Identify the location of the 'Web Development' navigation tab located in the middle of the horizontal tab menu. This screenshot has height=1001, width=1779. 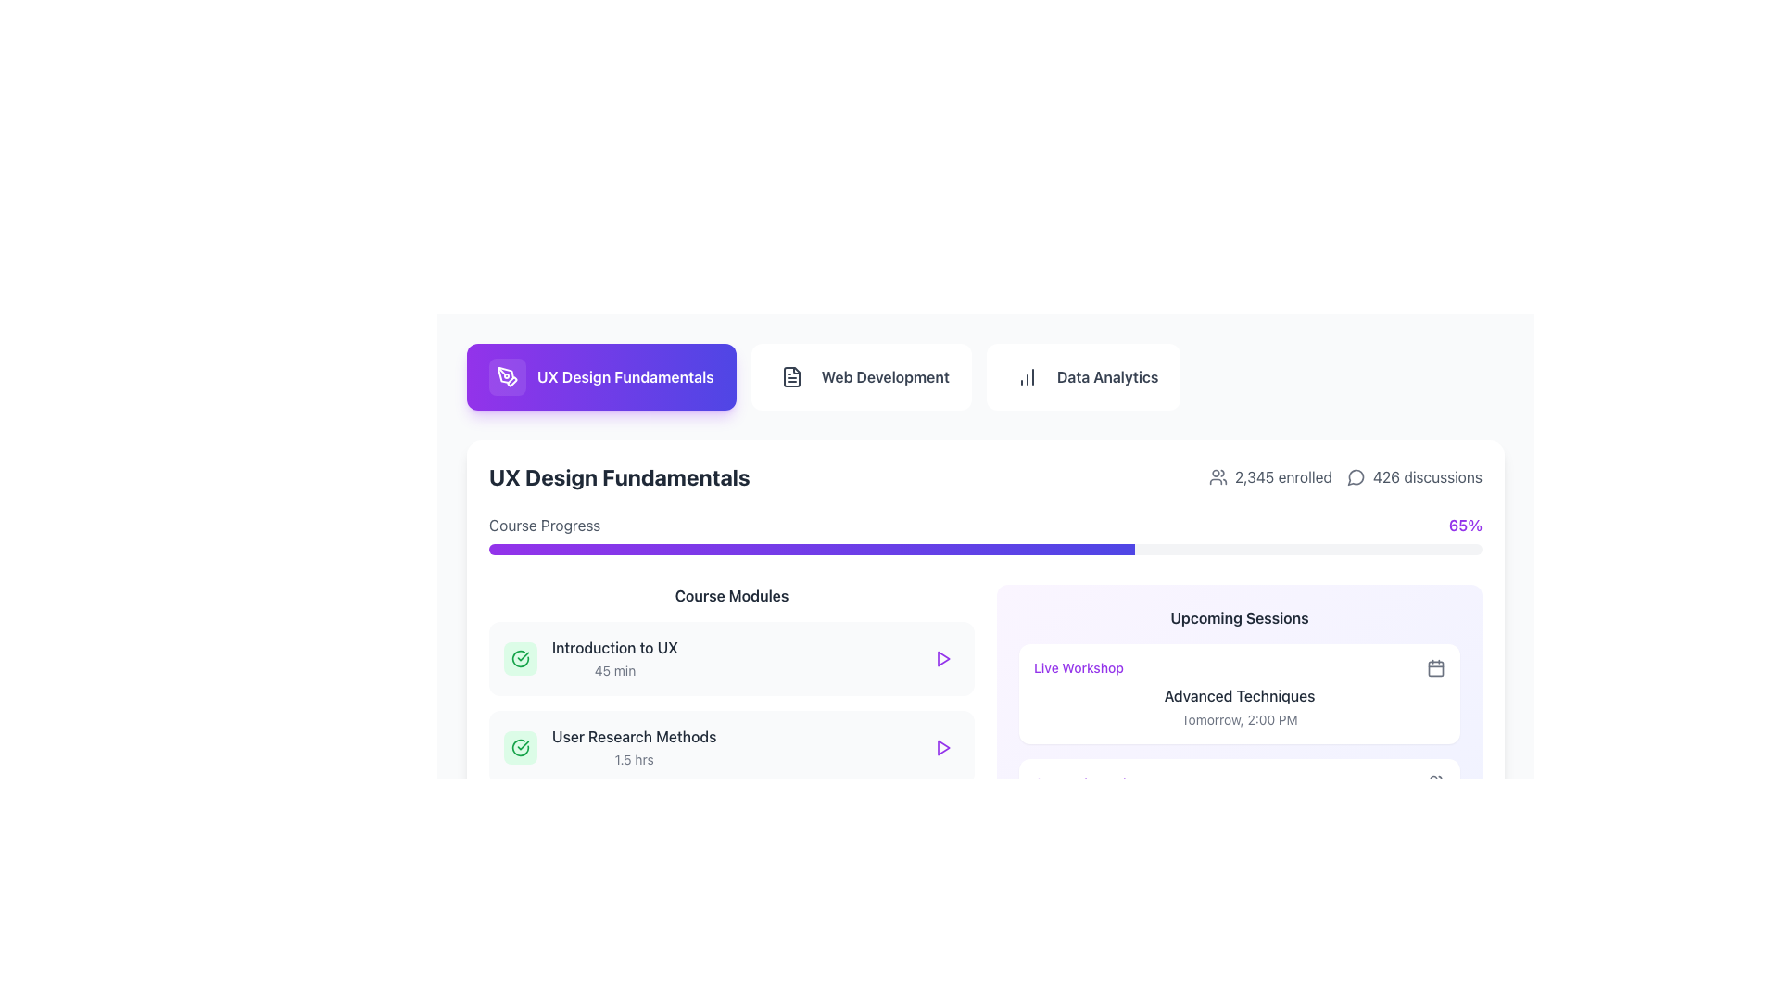
(791, 376).